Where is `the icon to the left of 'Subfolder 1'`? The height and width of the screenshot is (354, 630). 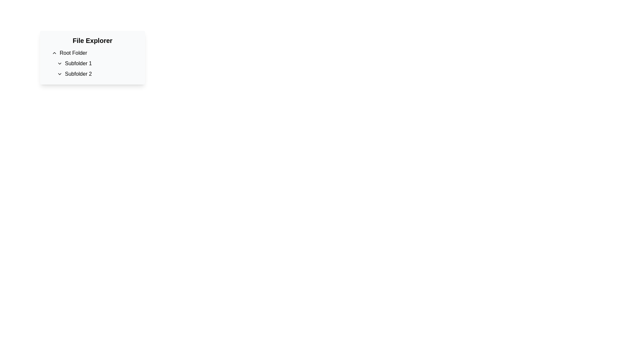
the icon to the left of 'Subfolder 1' is located at coordinates (60, 63).